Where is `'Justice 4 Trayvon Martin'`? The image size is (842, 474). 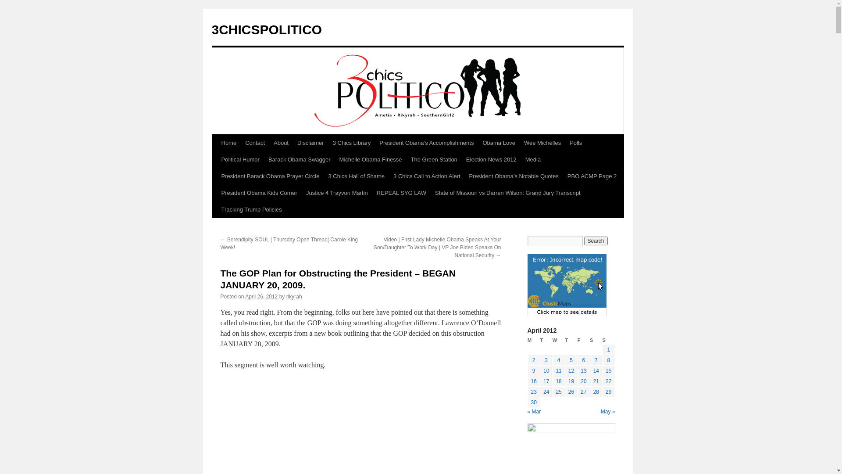 'Justice 4 Trayvon Martin' is located at coordinates (336, 192).